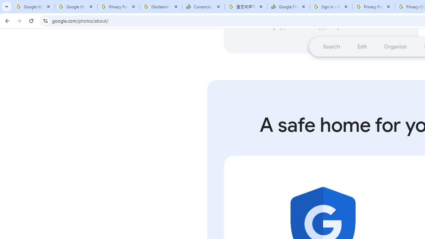 This screenshot has width=425, height=239. Describe the element at coordinates (33, 7) in the screenshot. I see `'Google Workspace Admin Community'` at that location.